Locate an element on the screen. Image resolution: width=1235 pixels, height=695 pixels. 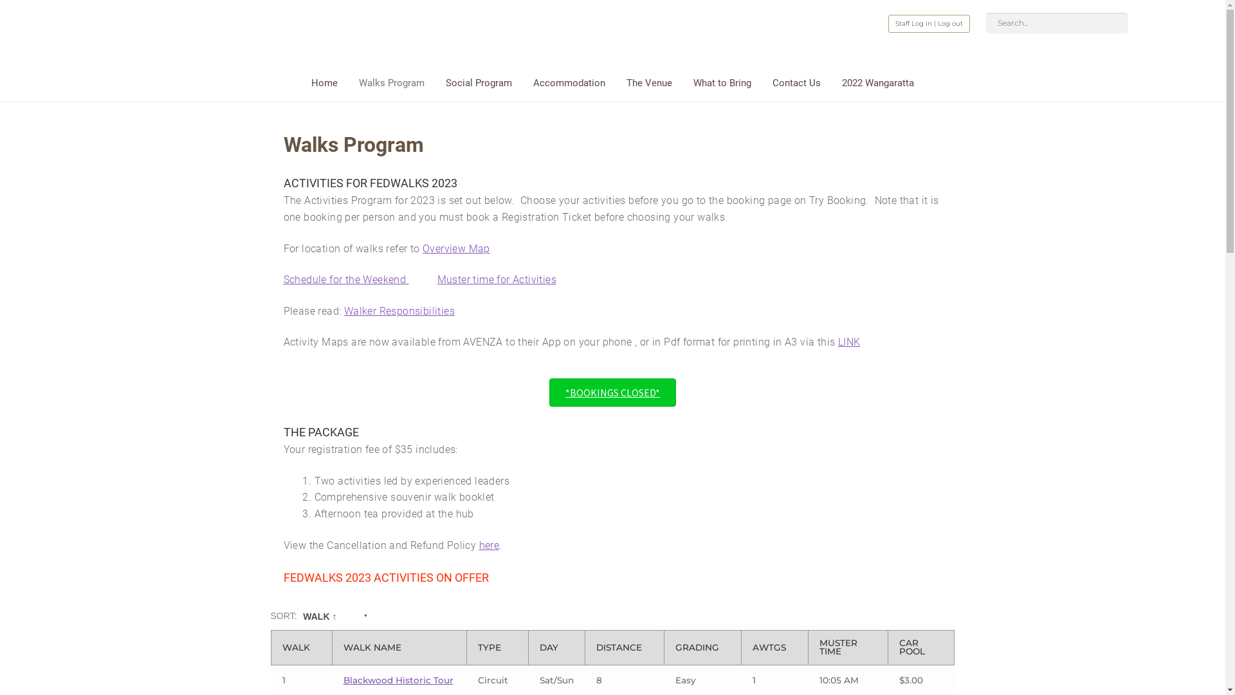
'Muster time for Activities' is located at coordinates (496, 279).